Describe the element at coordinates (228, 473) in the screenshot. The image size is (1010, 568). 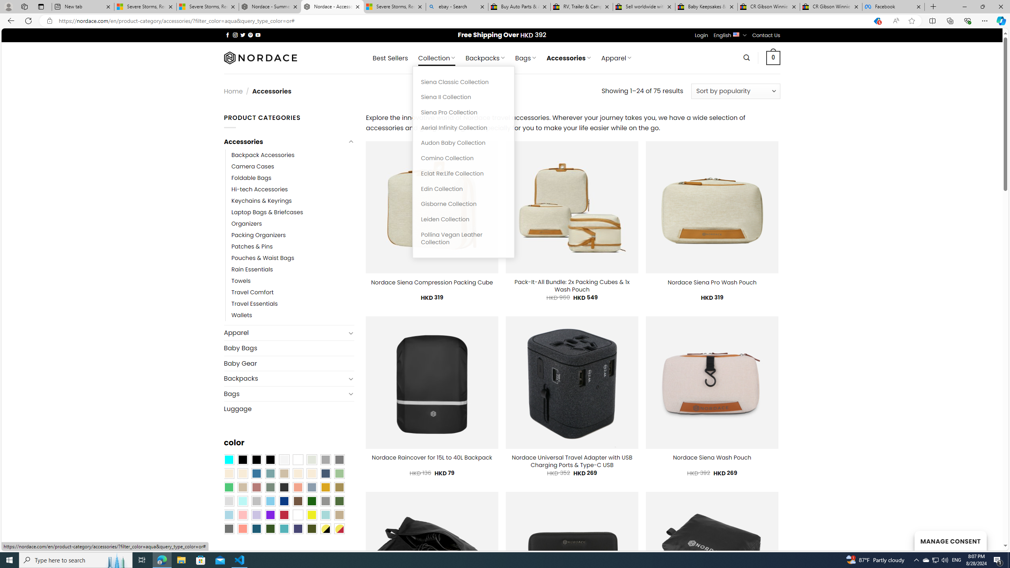
I see `'Beige'` at that location.